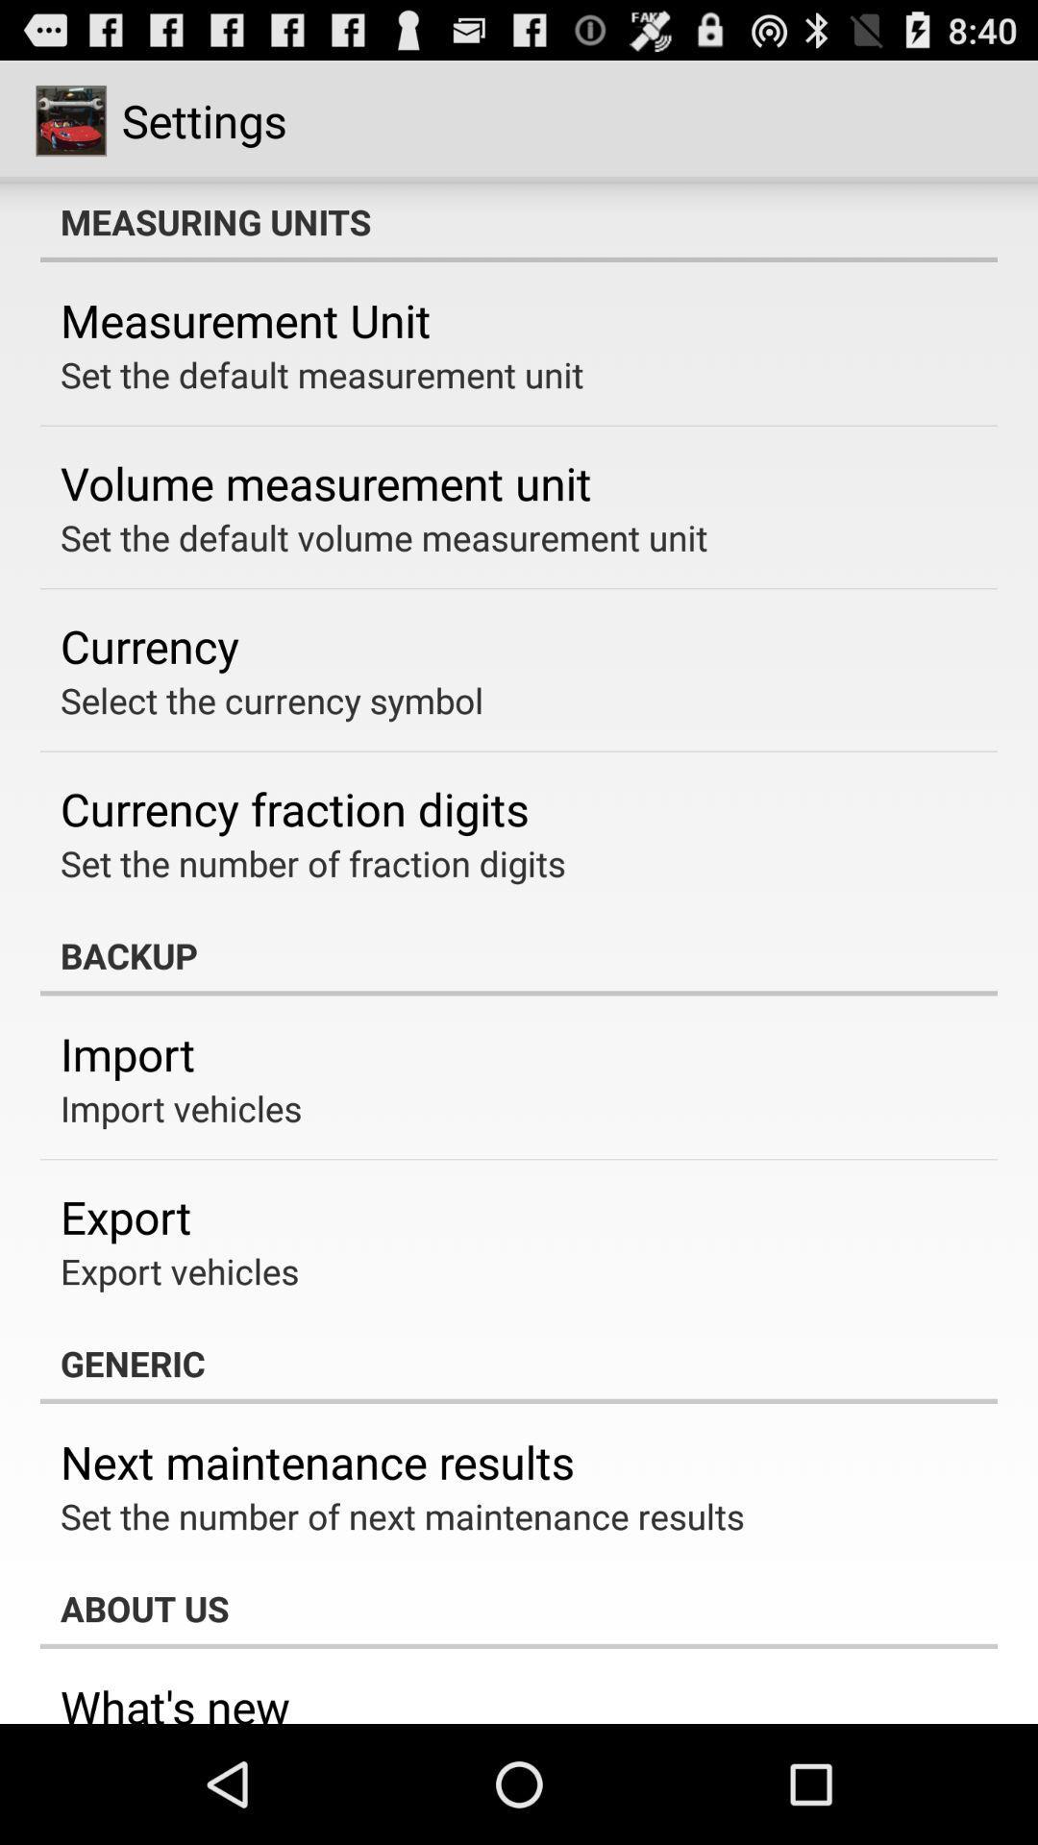 The width and height of the screenshot is (1038, 1845). I want to click on app above the import app, so click(519, 955).